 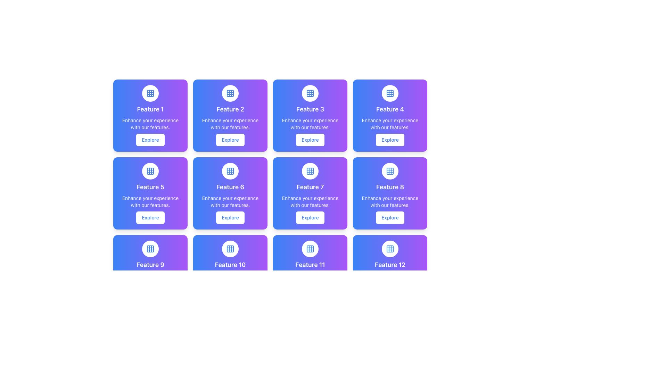 What do you see at coordinates (230, 93) in the screenshot?
I see `the grid icon, which is a 3x3 arrangement of squares on a circular white background with blue grid lines, located in the second column of the first row` at bounding box center [230, 93].